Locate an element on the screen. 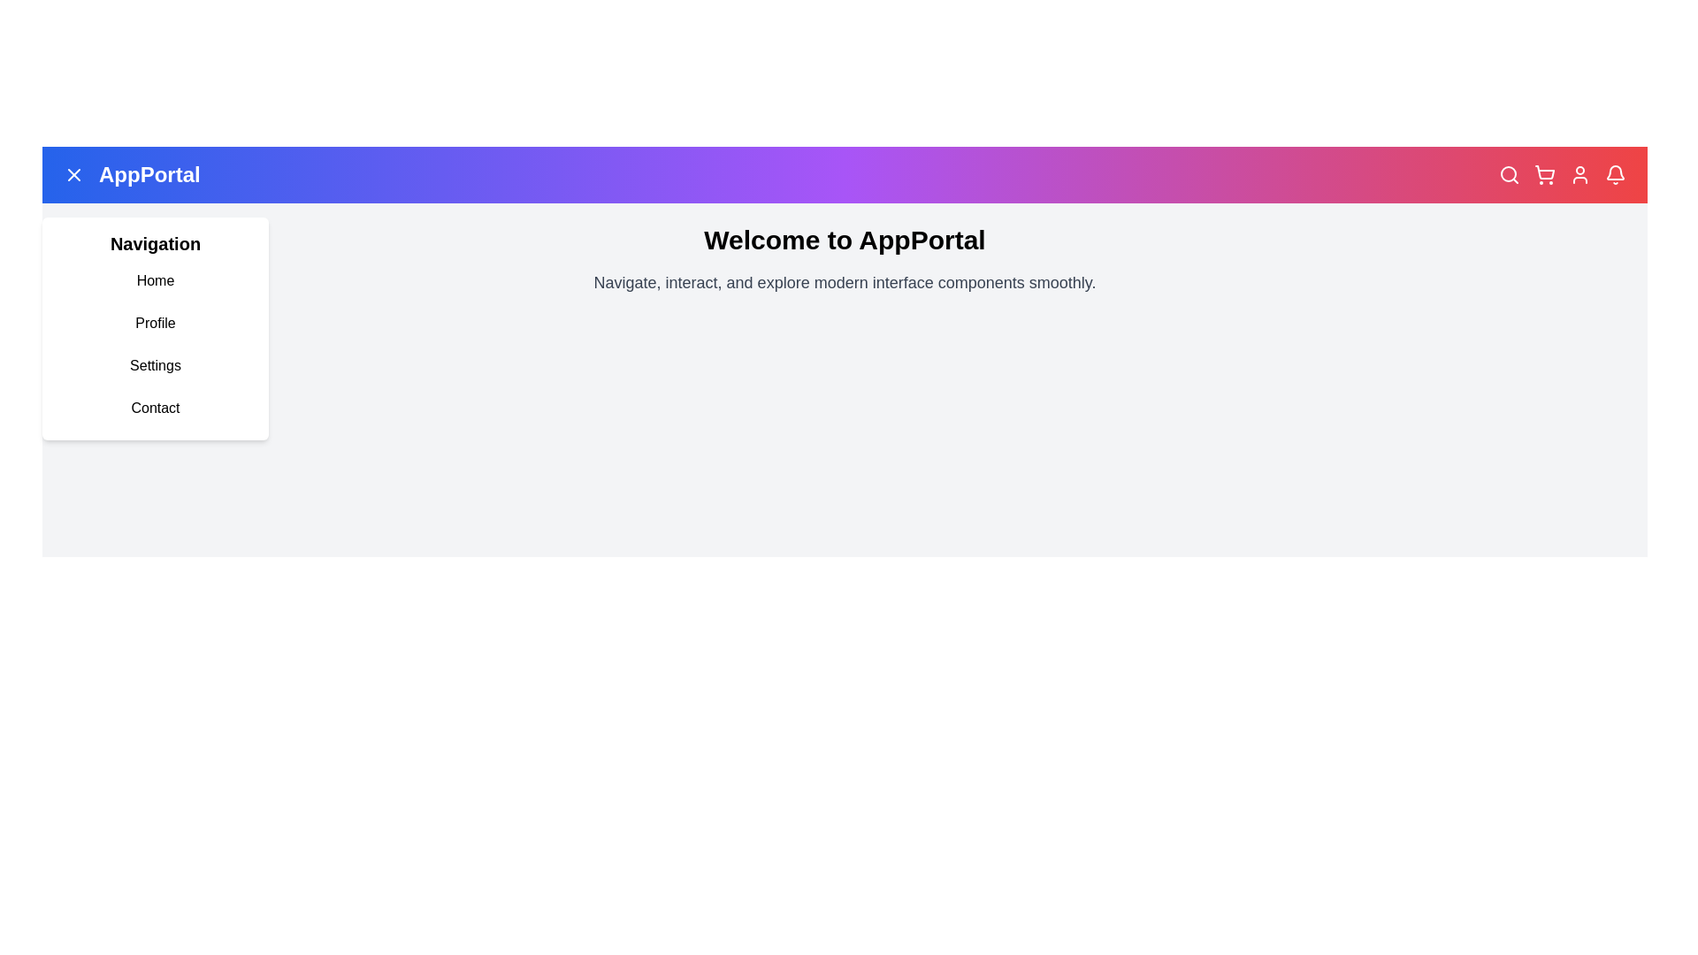 Image resolution: width=1698 pixels, height=955 pixels. the 'Contact' button located in the sidebar navigation is located at coordinates (156, 409).